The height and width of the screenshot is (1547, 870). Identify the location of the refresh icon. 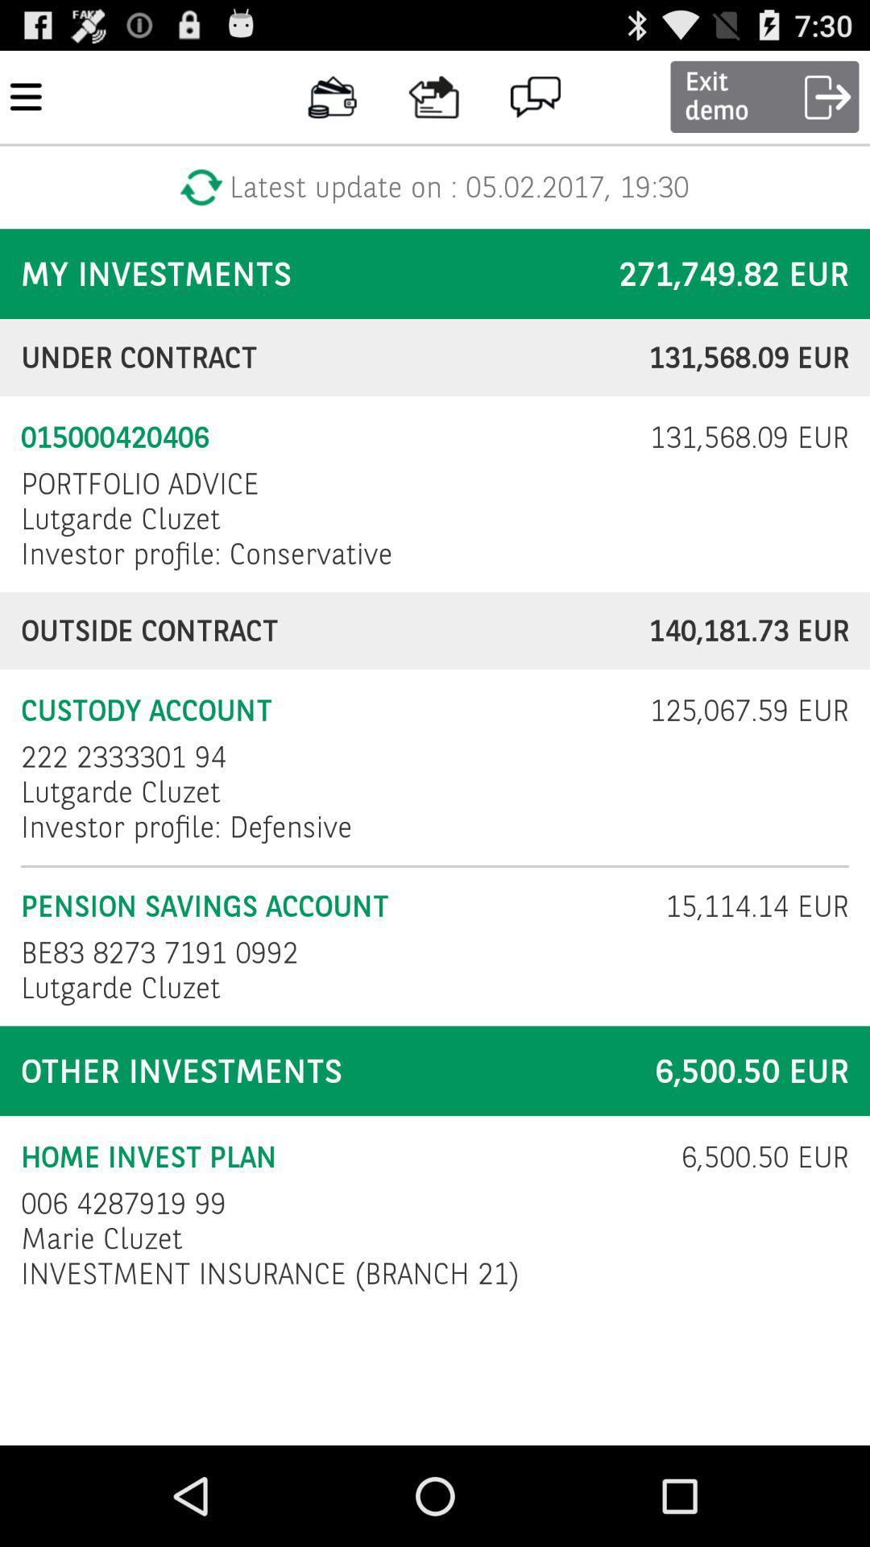
(201, 199).